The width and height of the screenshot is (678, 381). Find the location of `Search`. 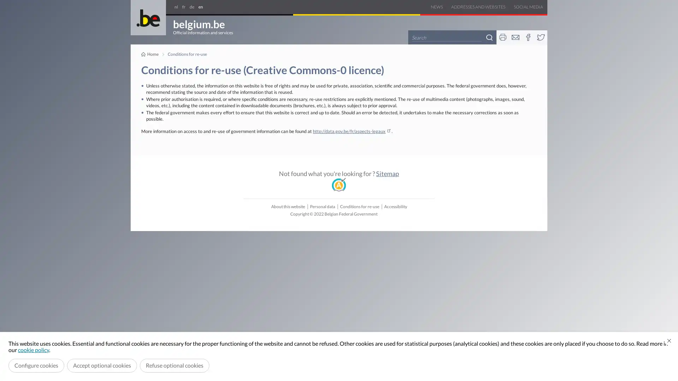

Search is located at coordinates (489, 37).